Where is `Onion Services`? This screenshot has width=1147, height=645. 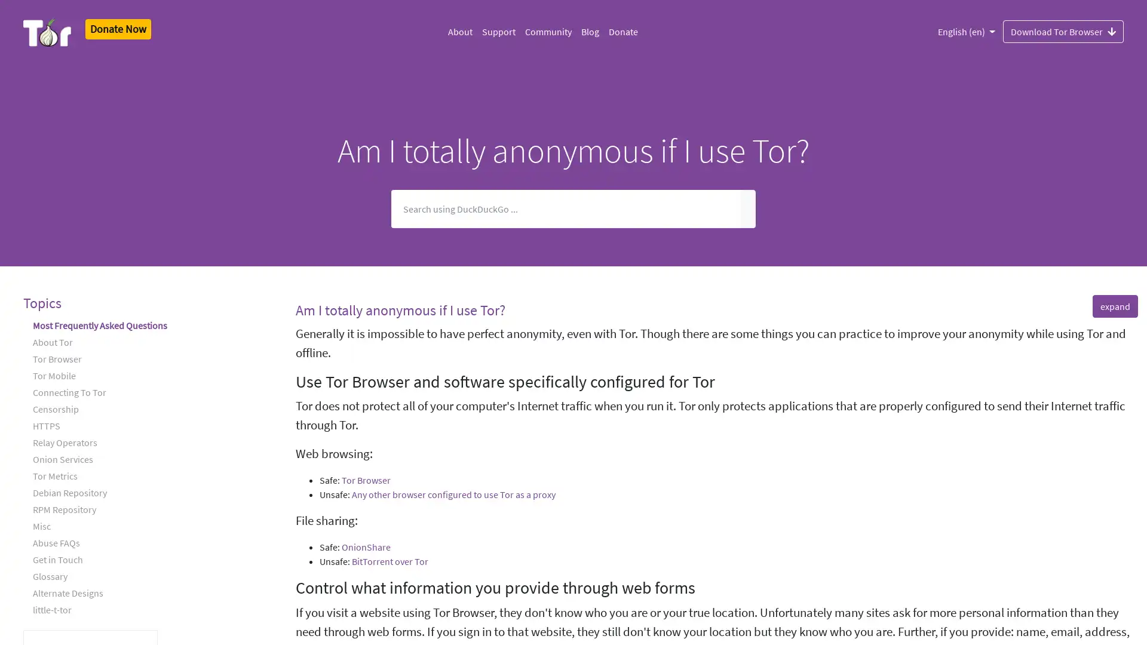
Onion Services is located at coordinates (148, 457).